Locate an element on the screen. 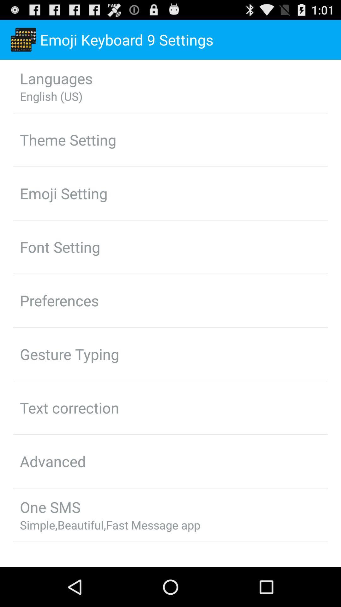 This screenshot has width=341, height=607. the app above english (us) icon is located at coordinates (56, 78).